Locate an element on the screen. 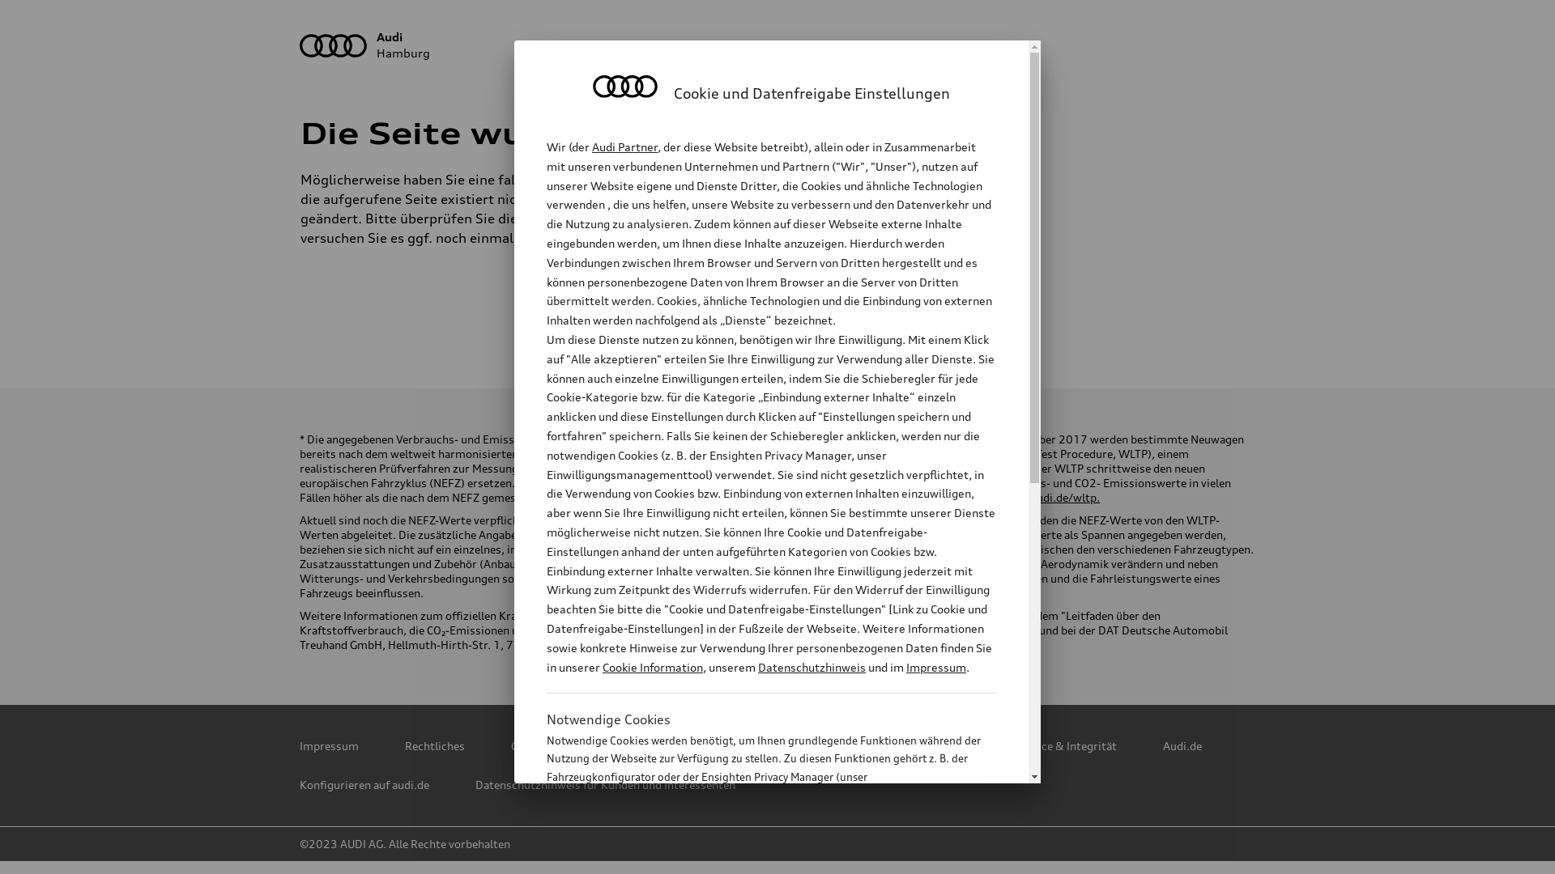 This screenshot has width=1555, height=874. 'Audi.de' is located at coordinates (1182, 745).